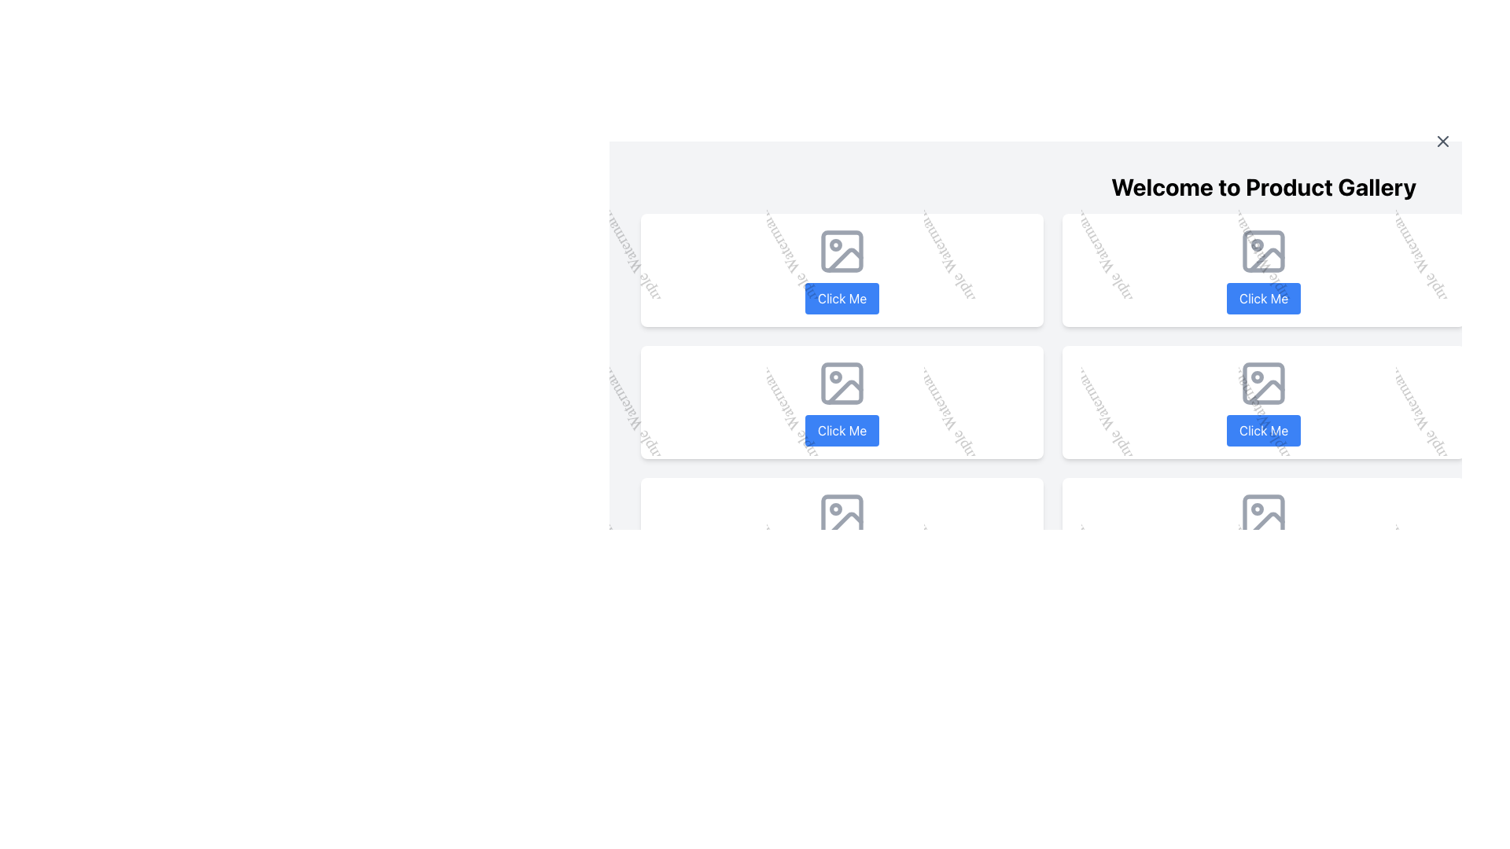 This screenshot has height=849, width=1510. Describe the element at coordinates (1264, 384) in the screenshot. I see `the light gray rectangular shape with rounded corners inside the 'lucide-image' SVG component, located at the upper-left corner of the icon with the sun and mountain features` at that location.